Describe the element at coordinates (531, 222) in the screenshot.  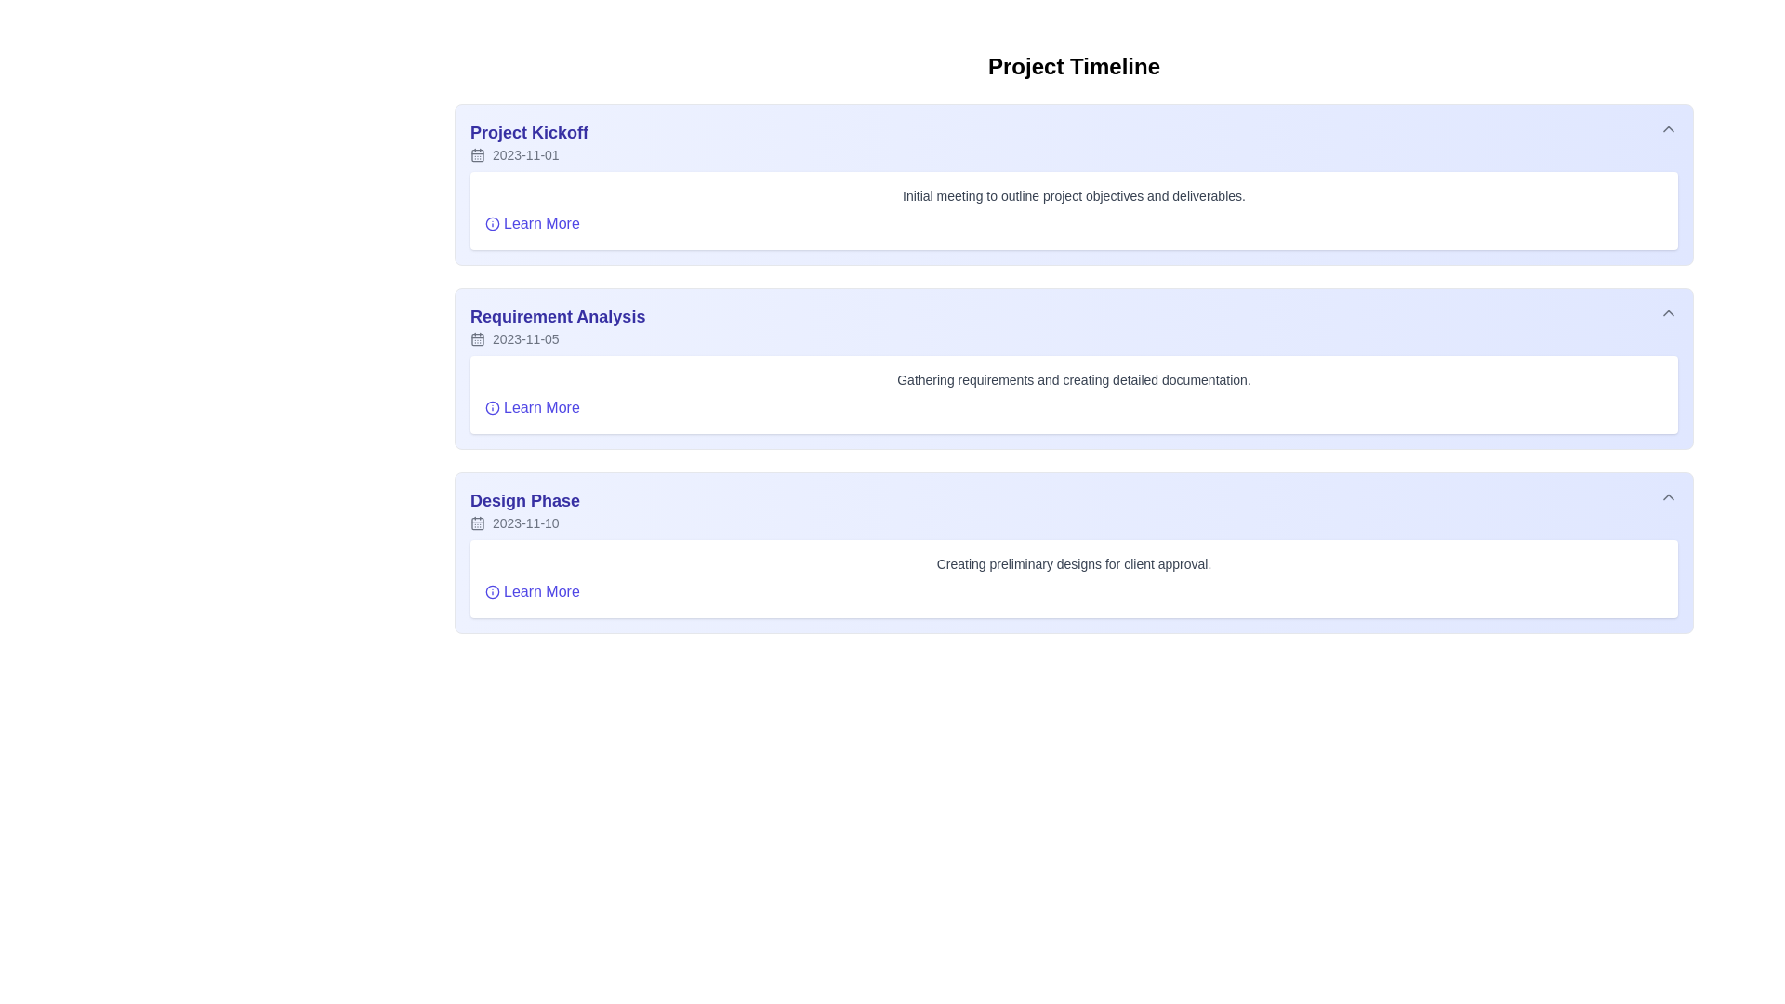
I see `the navigational button with an embedded icon located in the 'Project Kickoff' section` at that location.